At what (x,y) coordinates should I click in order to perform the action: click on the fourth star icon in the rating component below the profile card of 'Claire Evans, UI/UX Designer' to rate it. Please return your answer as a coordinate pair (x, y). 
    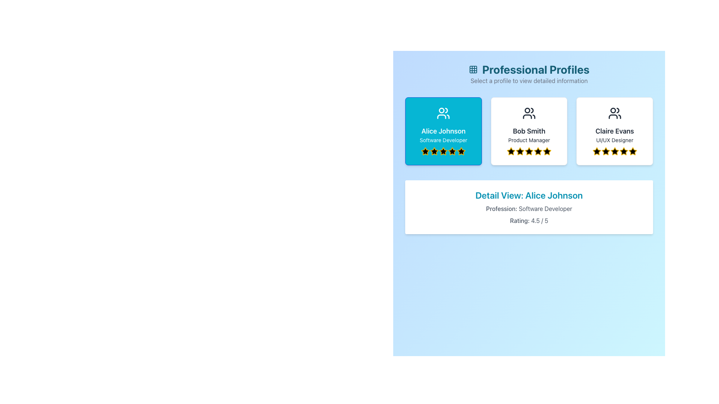
    Looking at the image, I should click on (615, 151).